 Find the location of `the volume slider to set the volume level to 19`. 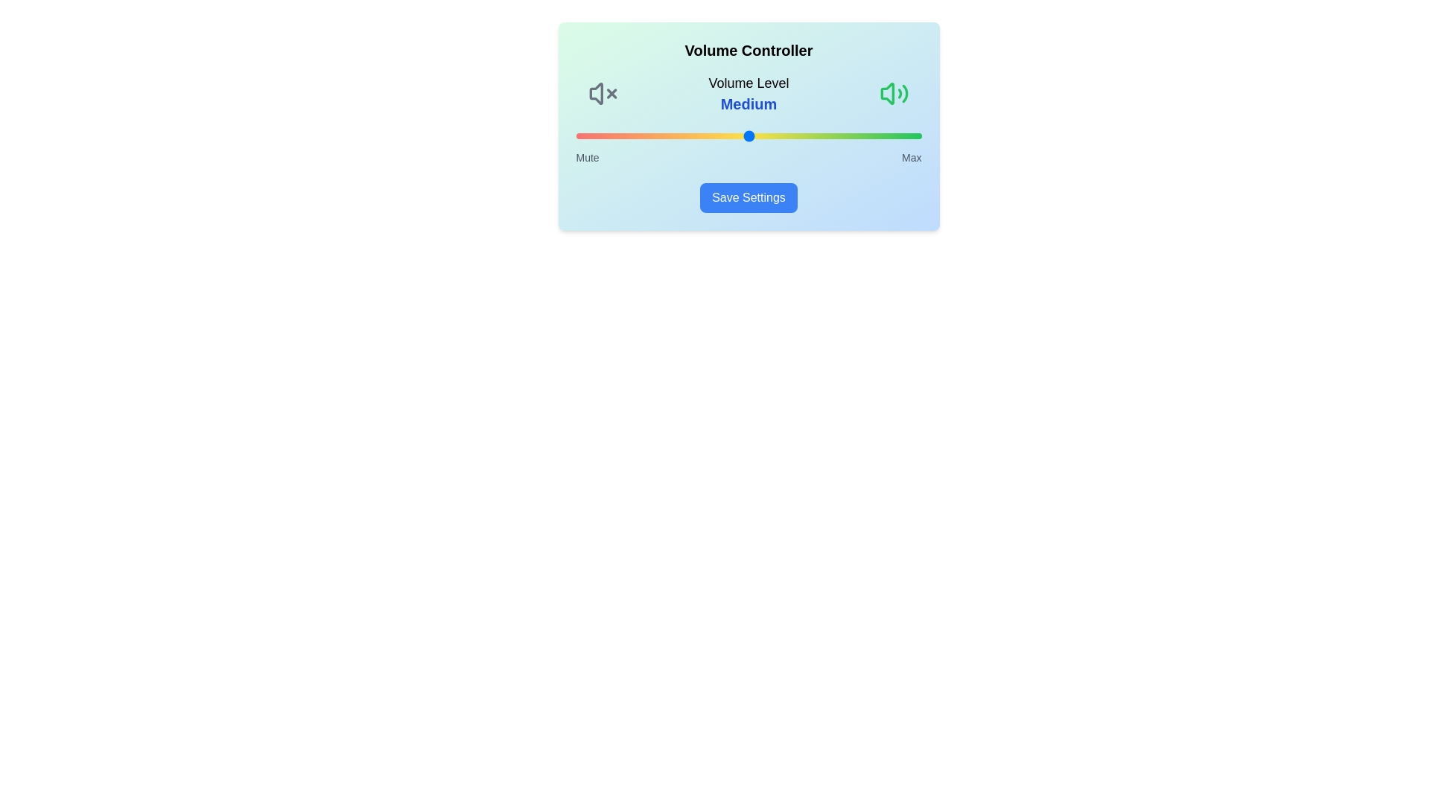

the volume slider to set the volume level to 19 is located at coordinates (641, 135).